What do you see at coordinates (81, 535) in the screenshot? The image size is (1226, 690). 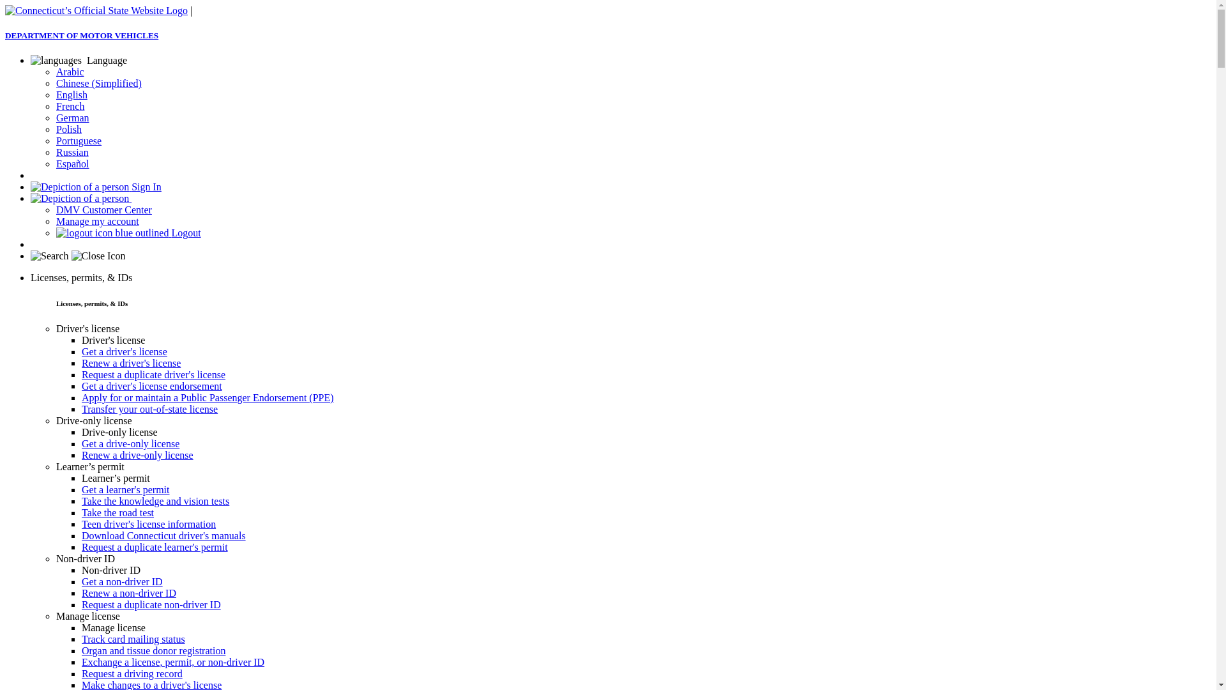 I see `'Download Connecticut driver's manuals'` at bounding box center [81, 535].